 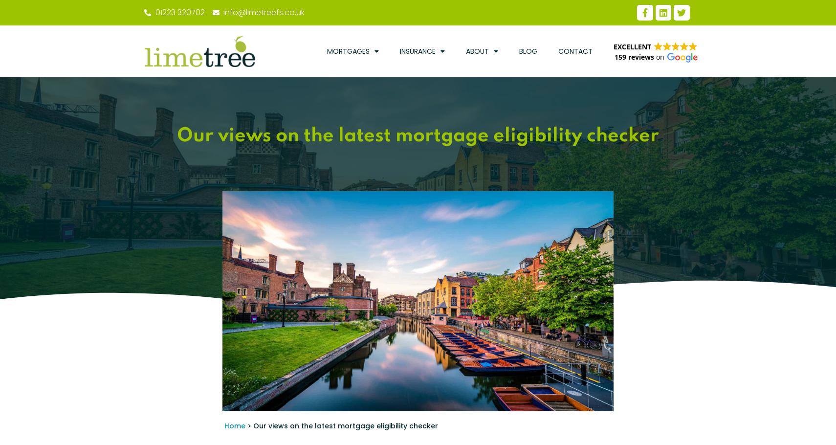 I want to click on 'Email', so click(x=167, y=113).